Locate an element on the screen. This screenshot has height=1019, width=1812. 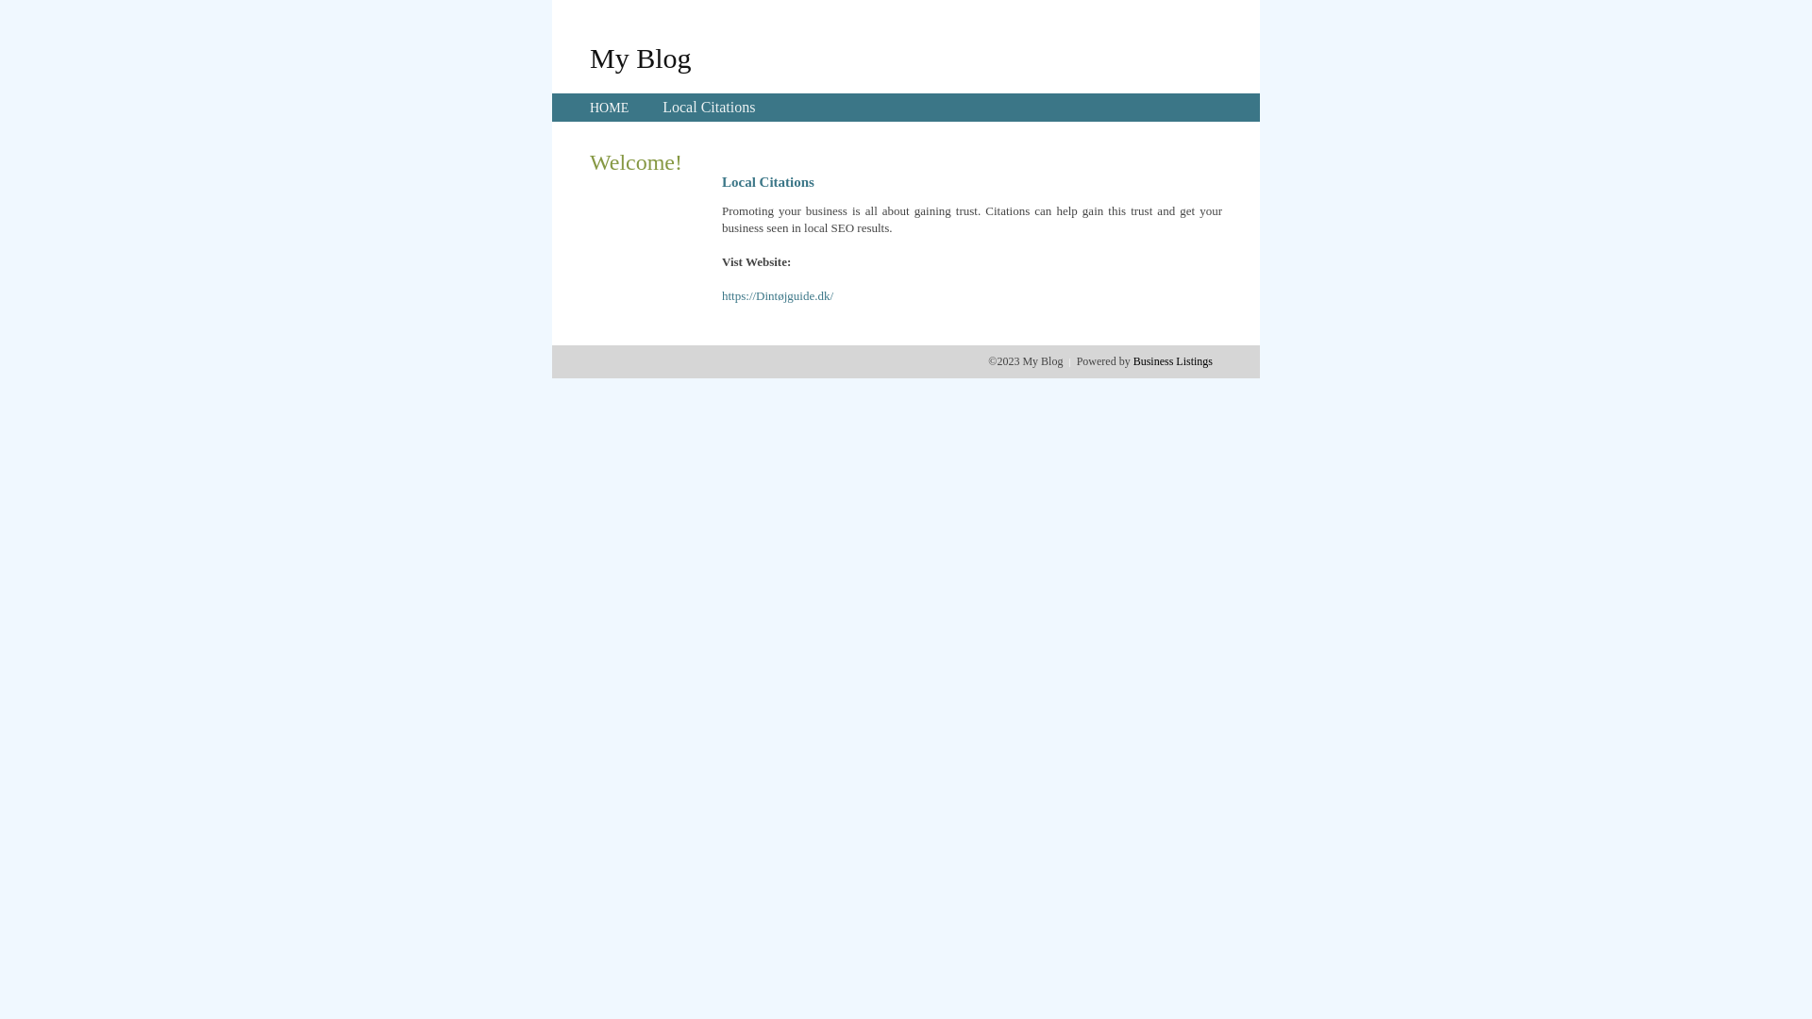
'HOME' is located at coordinates (588, 108).